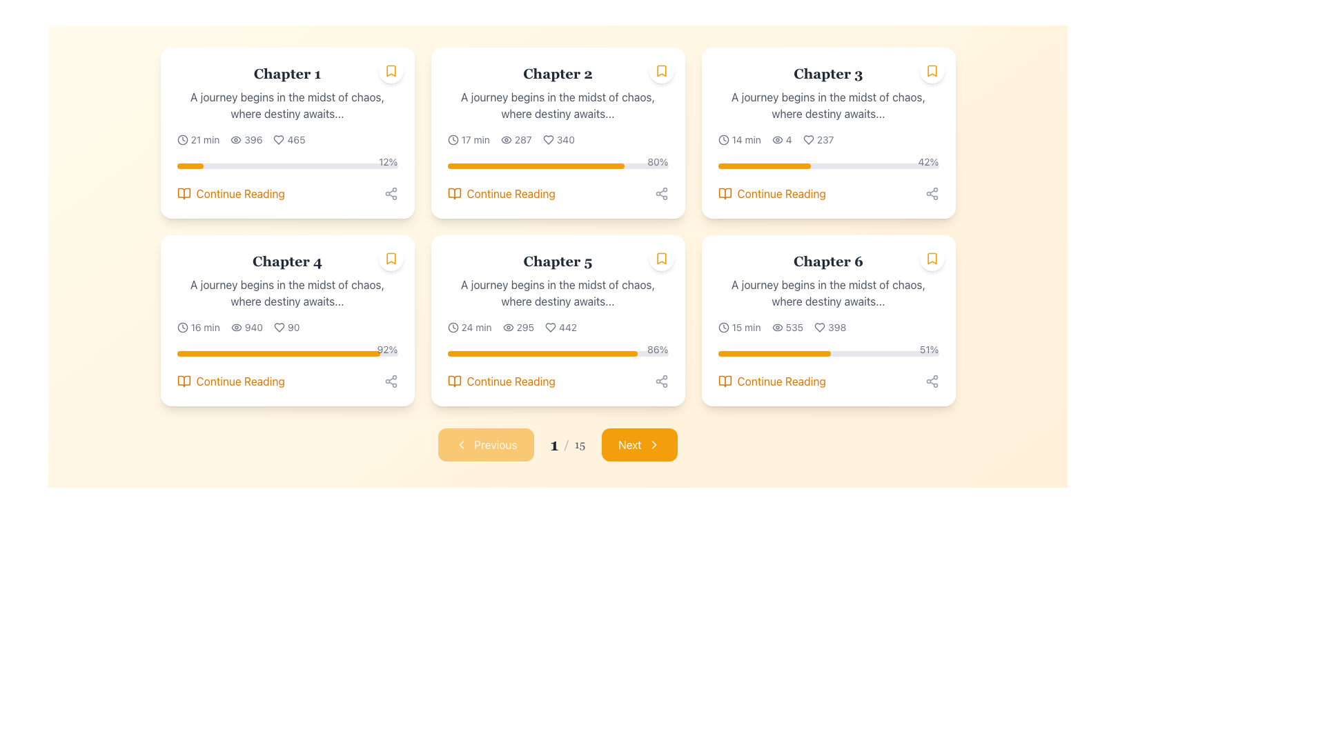 The width and height of the screenshot is (1325, 745). I want to click on the Bookmark icon located in the top-right corner of the sixth card labeled 'Chapter 6', so click(932, 258).